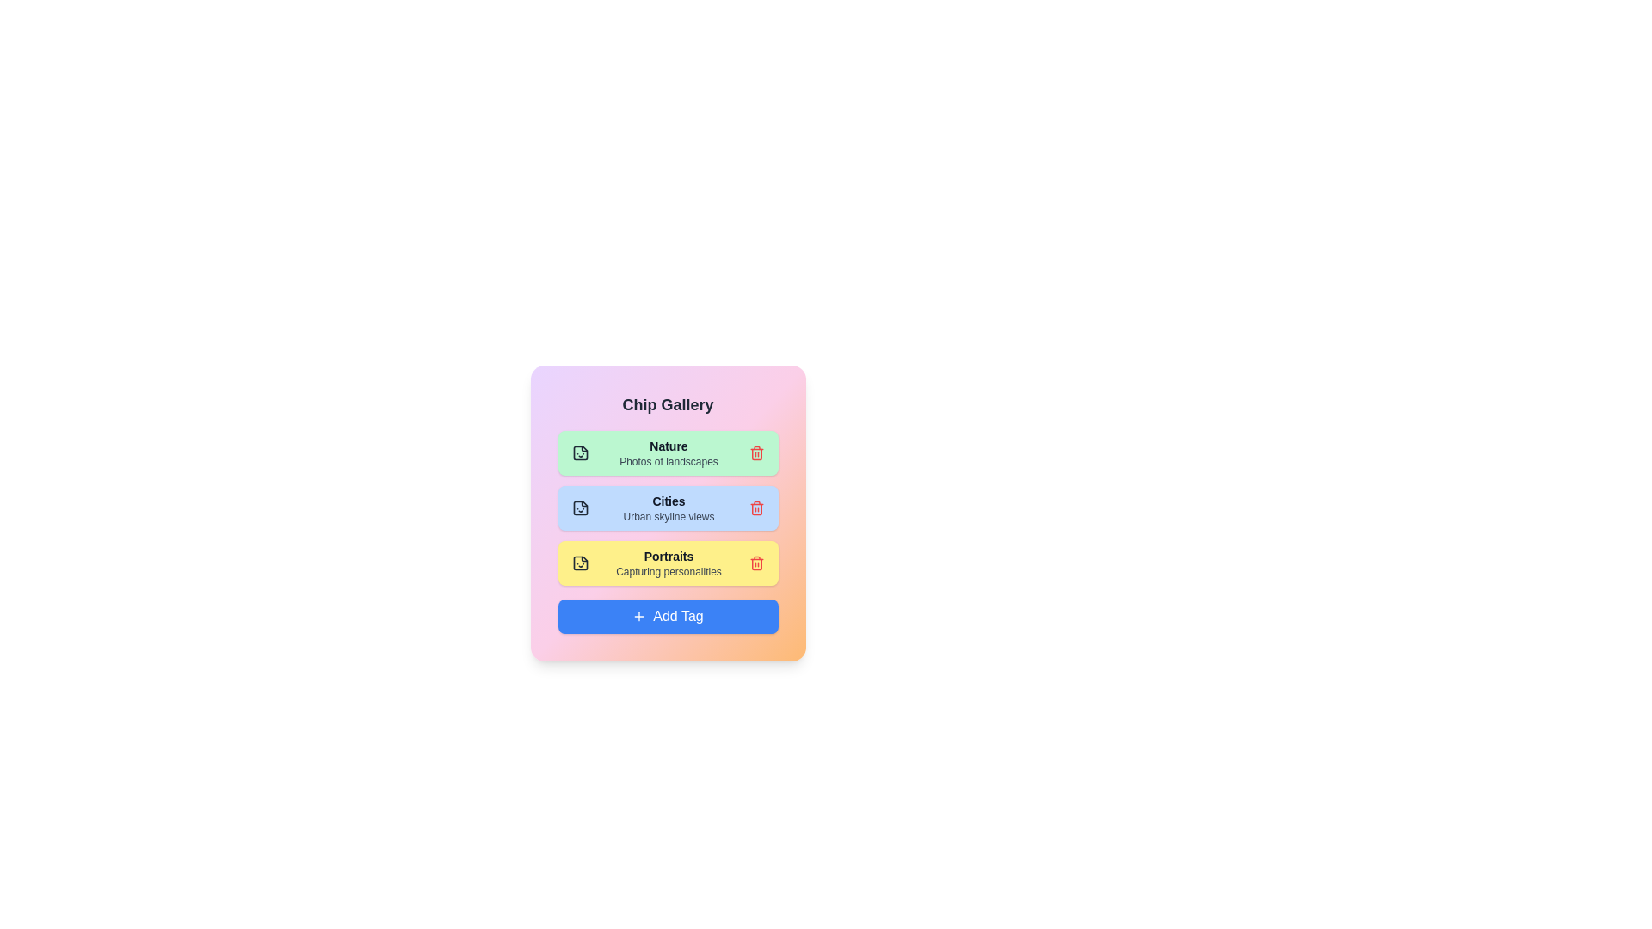  What do you see at coordinates (756, 563) in the screenshot?
I see `the delete button for the tag labeled 'Portraits' to remove it` at bounding box center [756, 563].